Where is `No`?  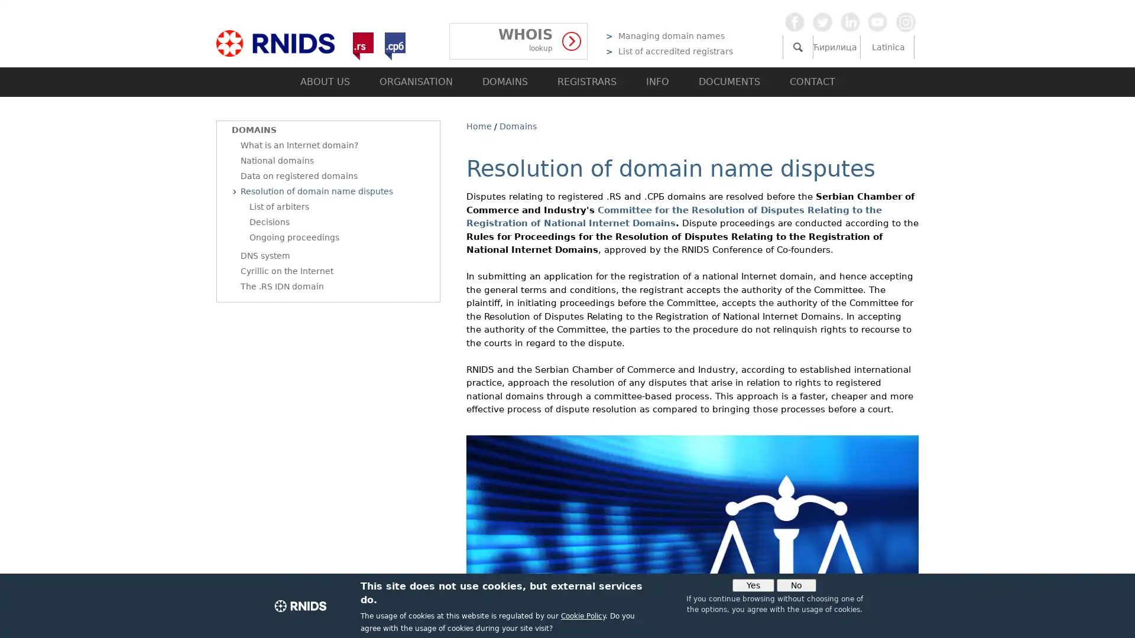 No is located at coordinates (796, 585).